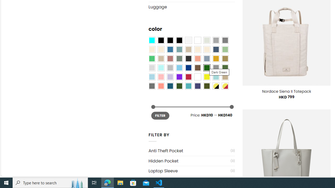 The width and height of the screenshot is (335, 188). Describe the element at coordinates (170, 59) in the screenshot. I see `'Rose'` at that location.